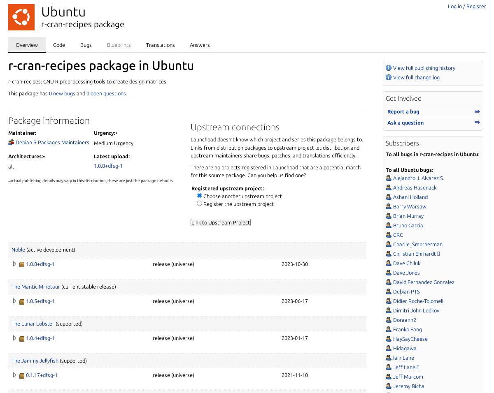 The width and height of the screenshot is (494, 393). Describe the element at coordinates (393, 281) in the screenshot. I see `'David Fernandez Gonzalez'` at that location.